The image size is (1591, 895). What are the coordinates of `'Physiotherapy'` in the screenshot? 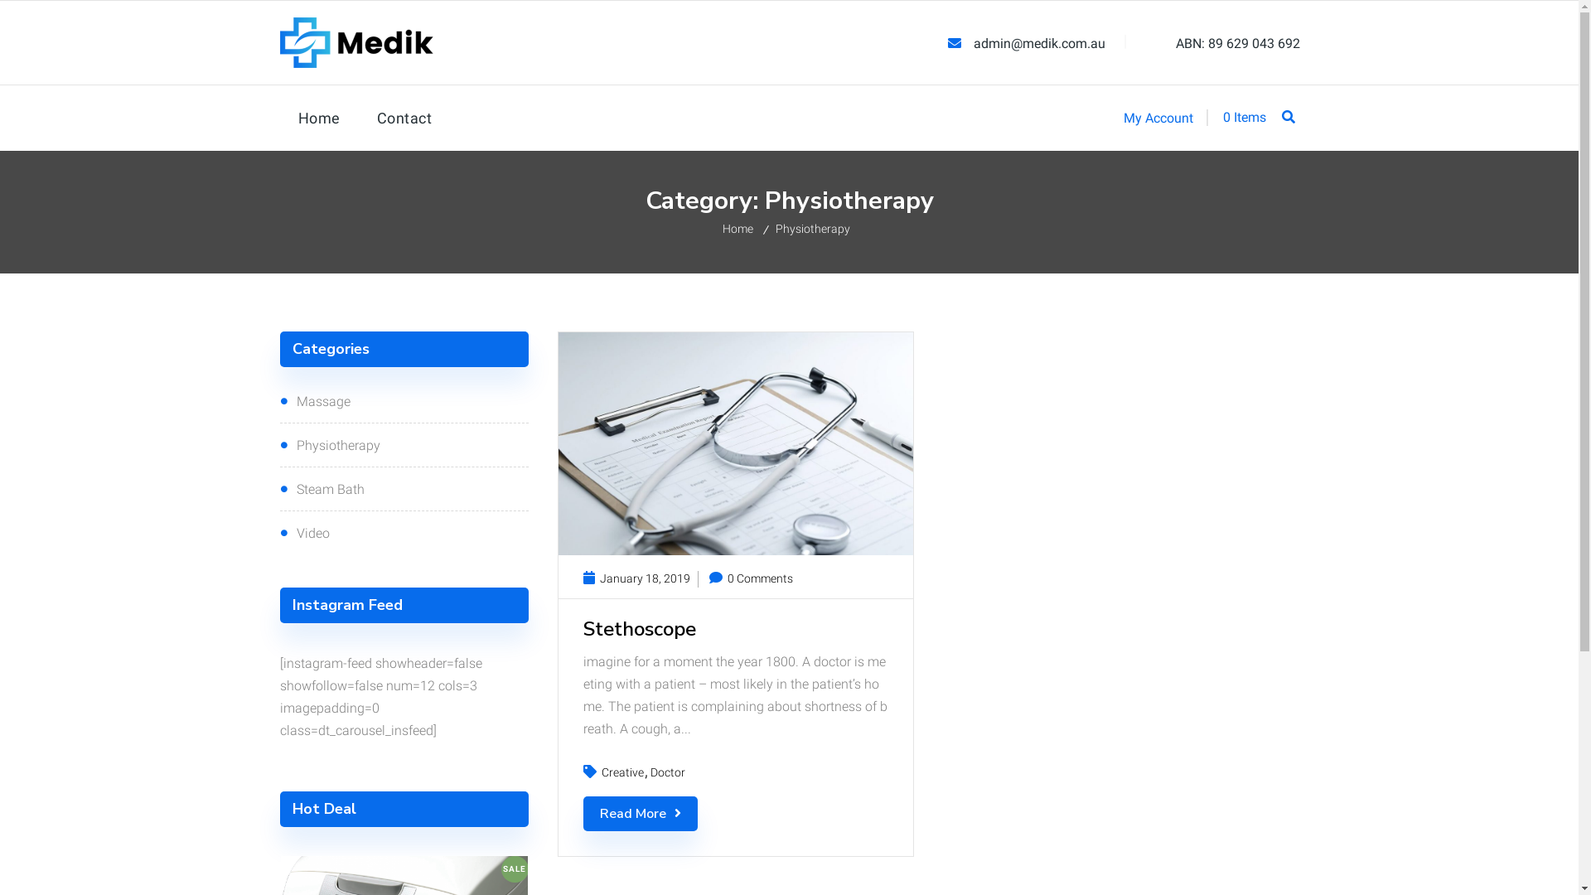 It's located at (404, 443).